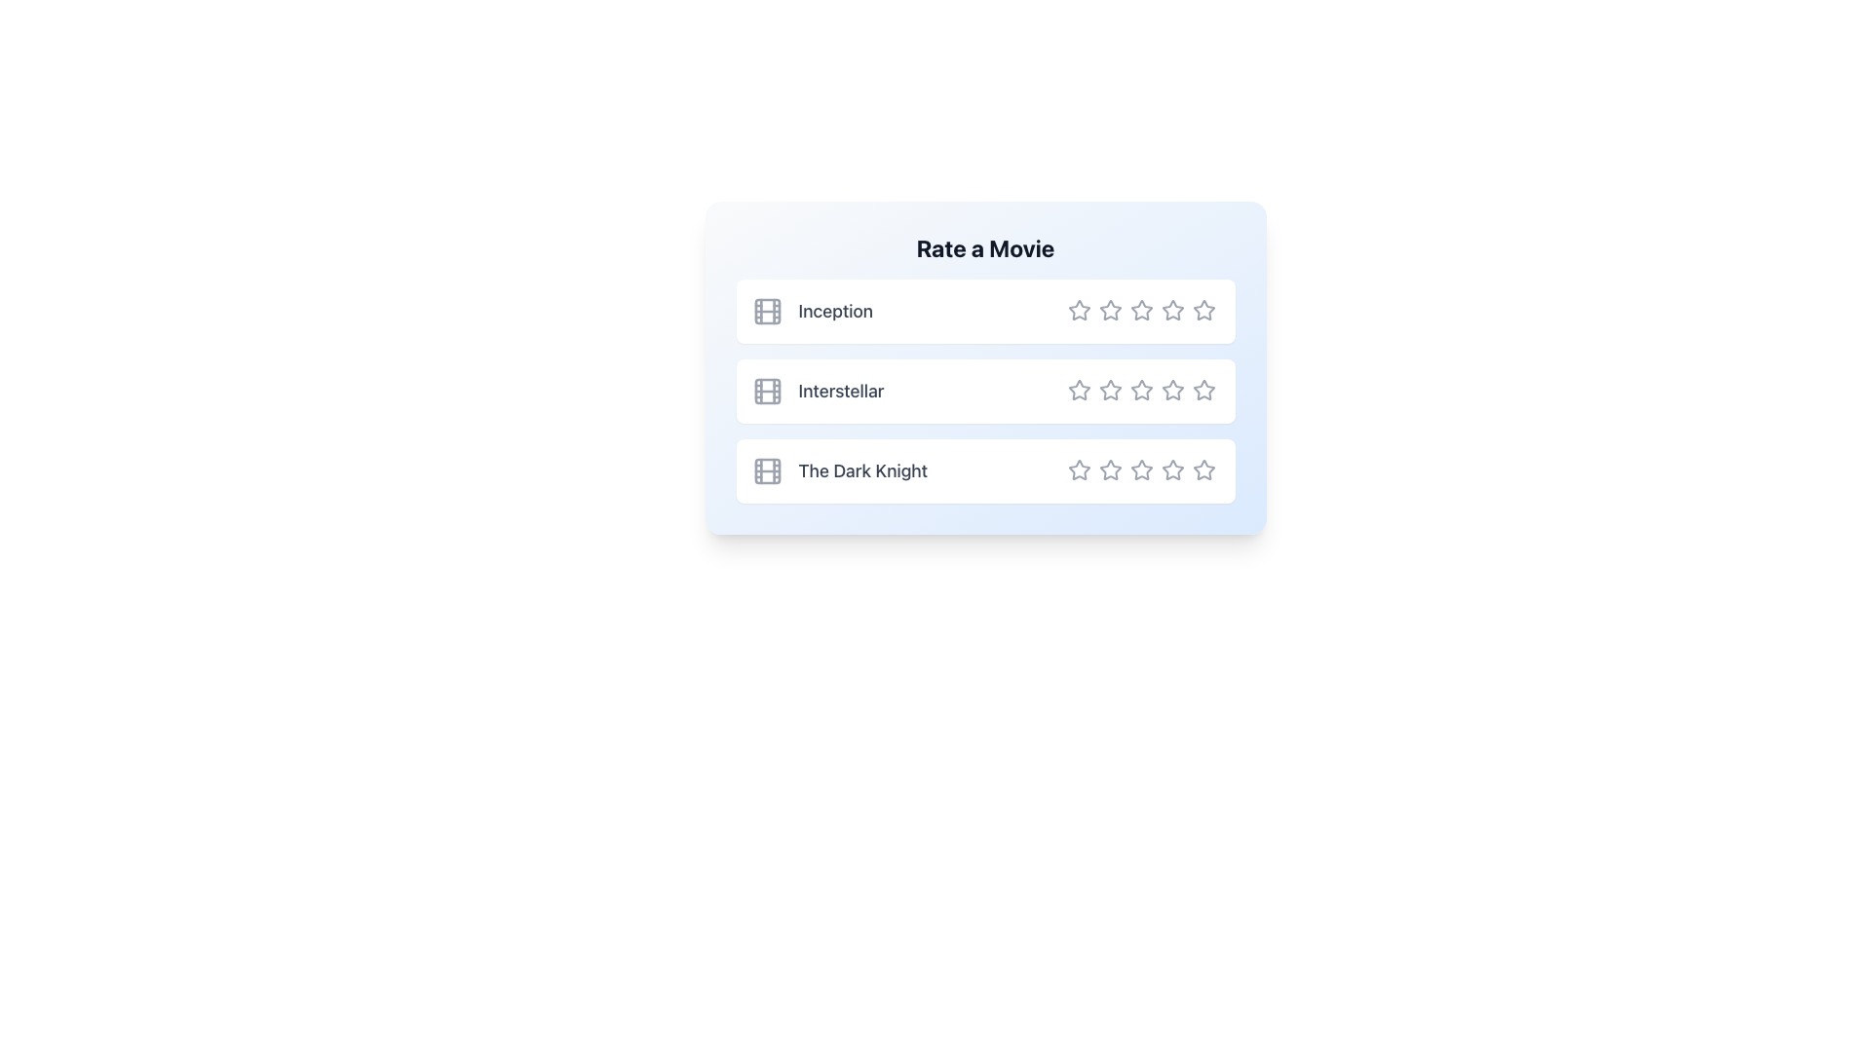 This screenshot has width=1871, height=1052. Describe the element at coordinates (1110, 391) in the screenshot. I see `the second star in the rating interface for the movie 'Interstellar'` at that location.